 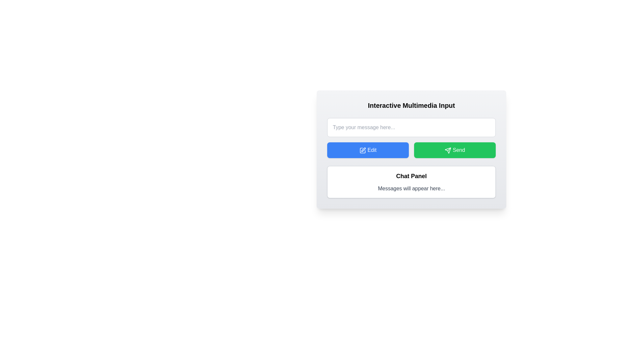 I want to click on the square-shaped base of the pen icon, which is part of the editing functionality located within an SVG next to the 'Edit' text on a blue button, so click(x=362, y=150).